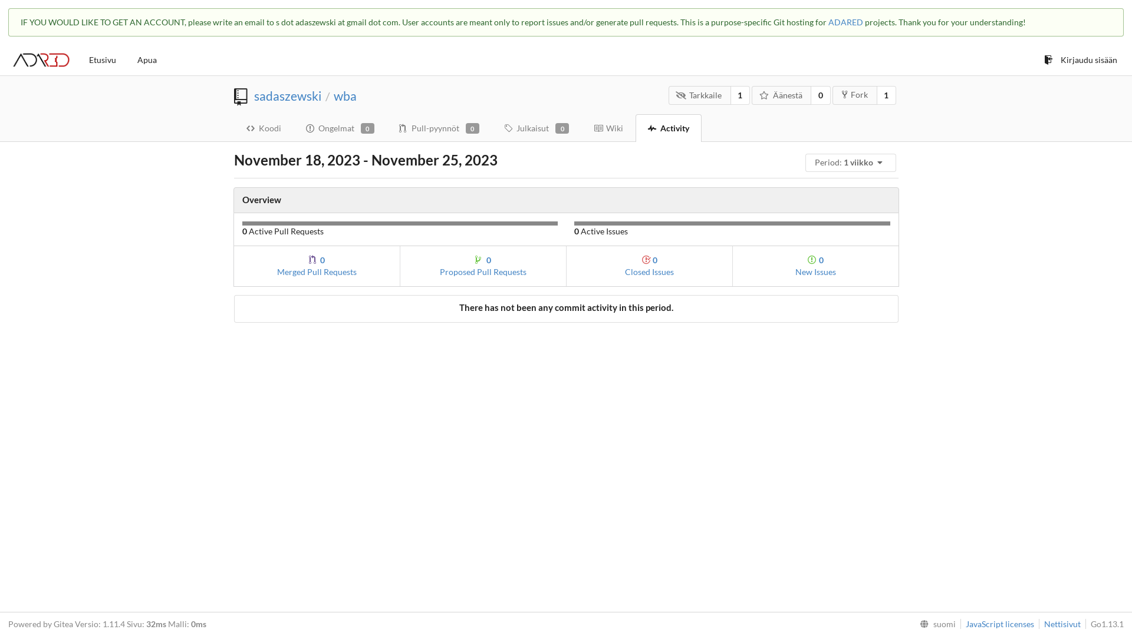 Image resolution: width=1132 pixels, height=636 pixels. I want to click on 'Wiki', so click(581, 127).